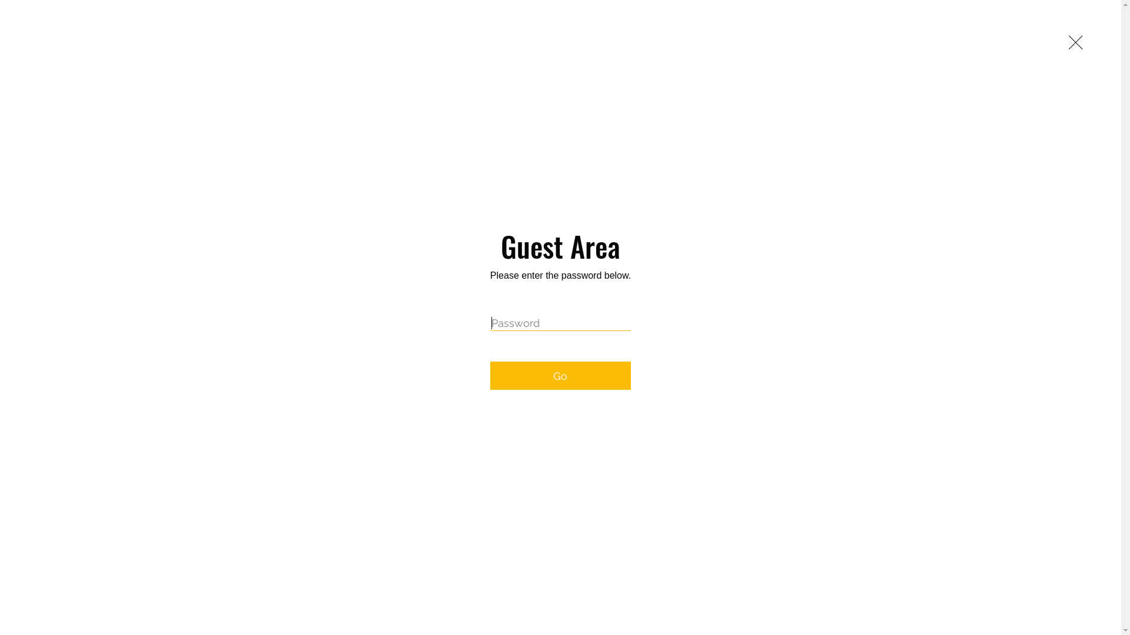  I want to click on 'Go', so click(560, 376).